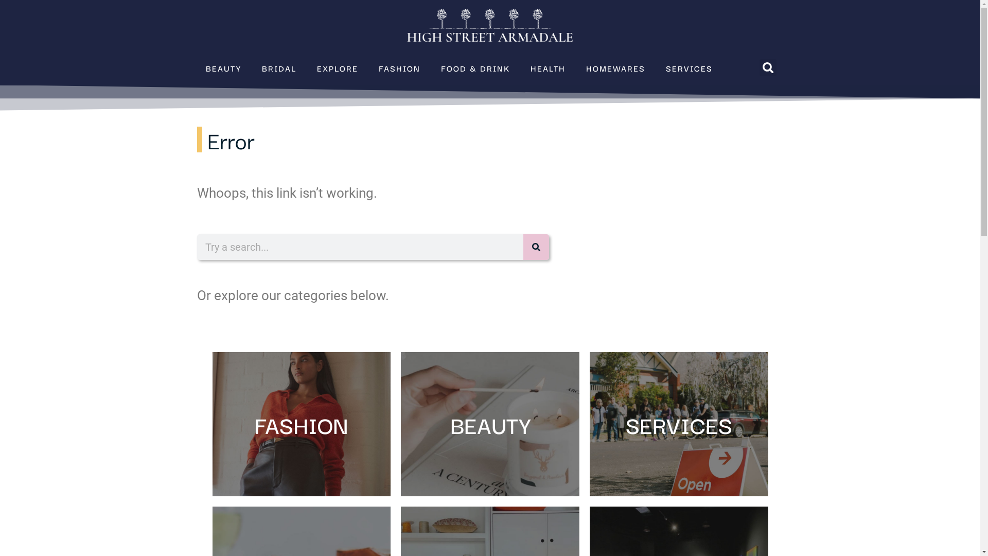 This screenshot has height=556, width=988. I want to click on 'EXPLORE', so click(338, 67).